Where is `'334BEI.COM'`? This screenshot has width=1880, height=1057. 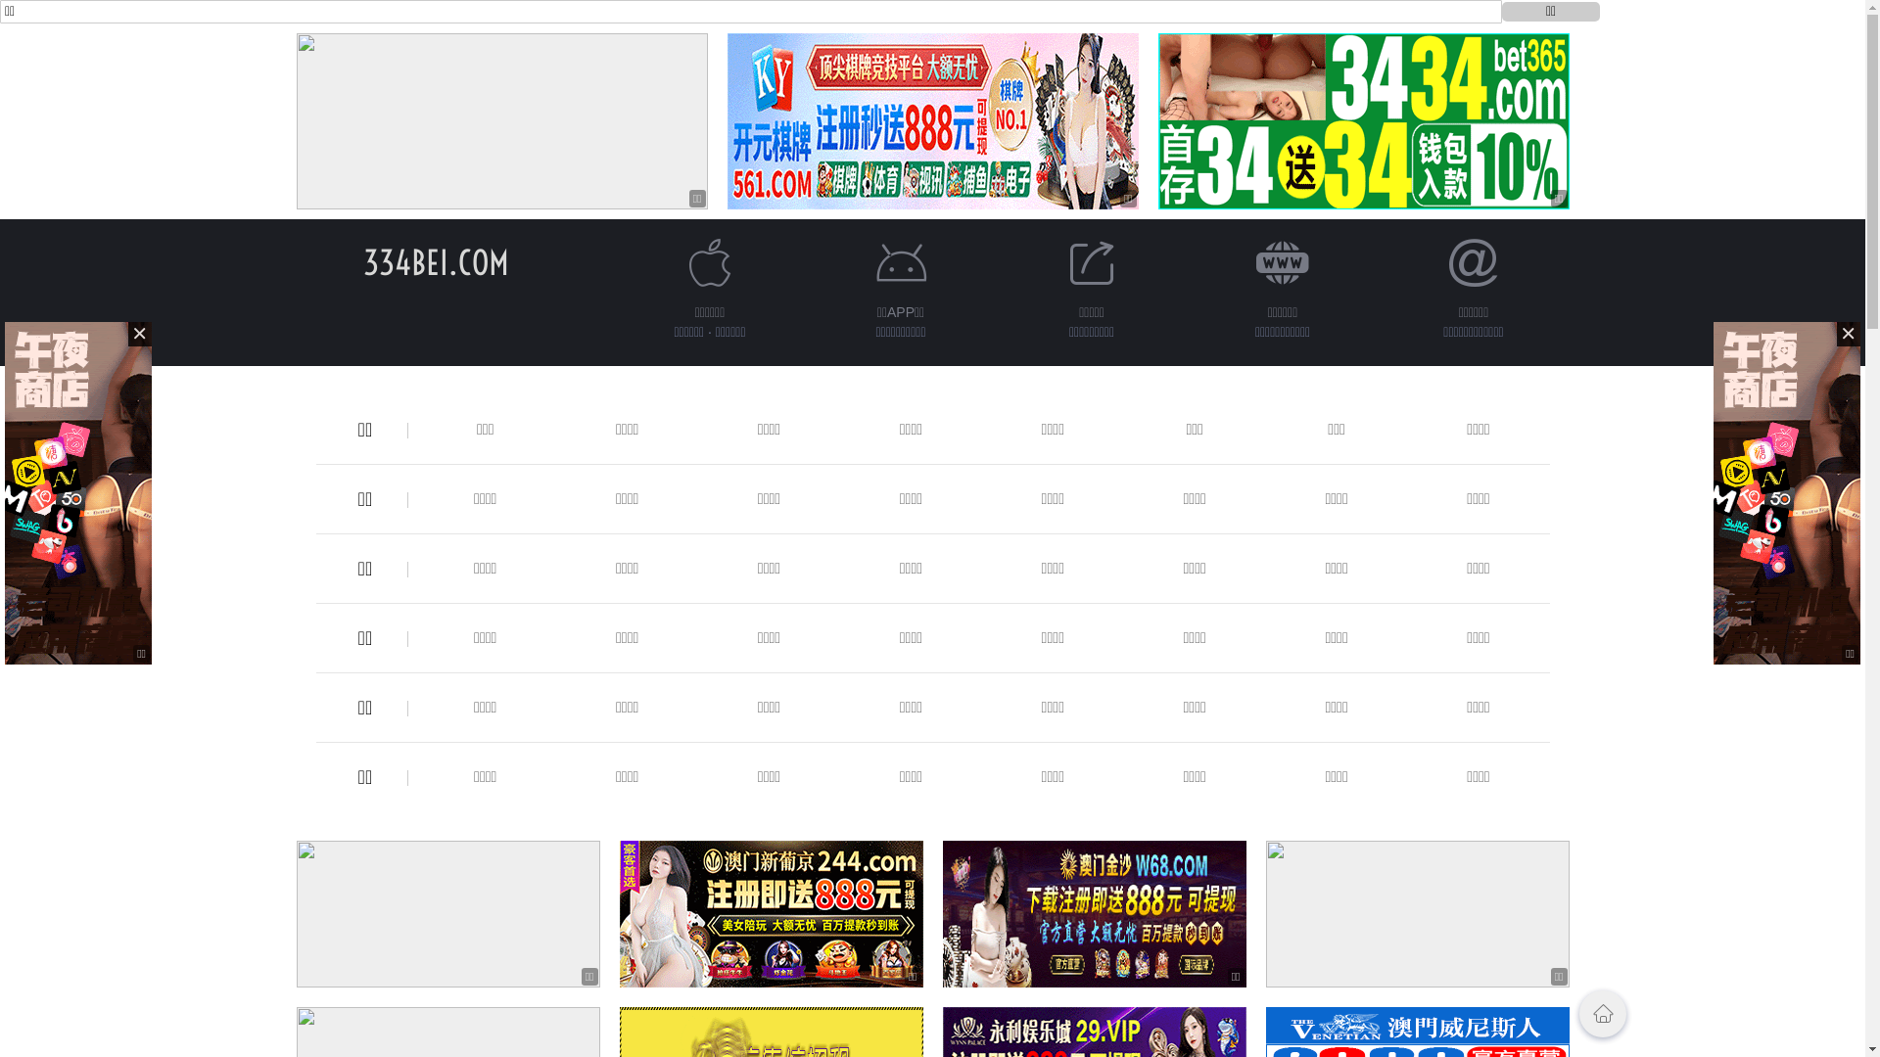 '334BEI.COM' is located at coordinates (435, 261).